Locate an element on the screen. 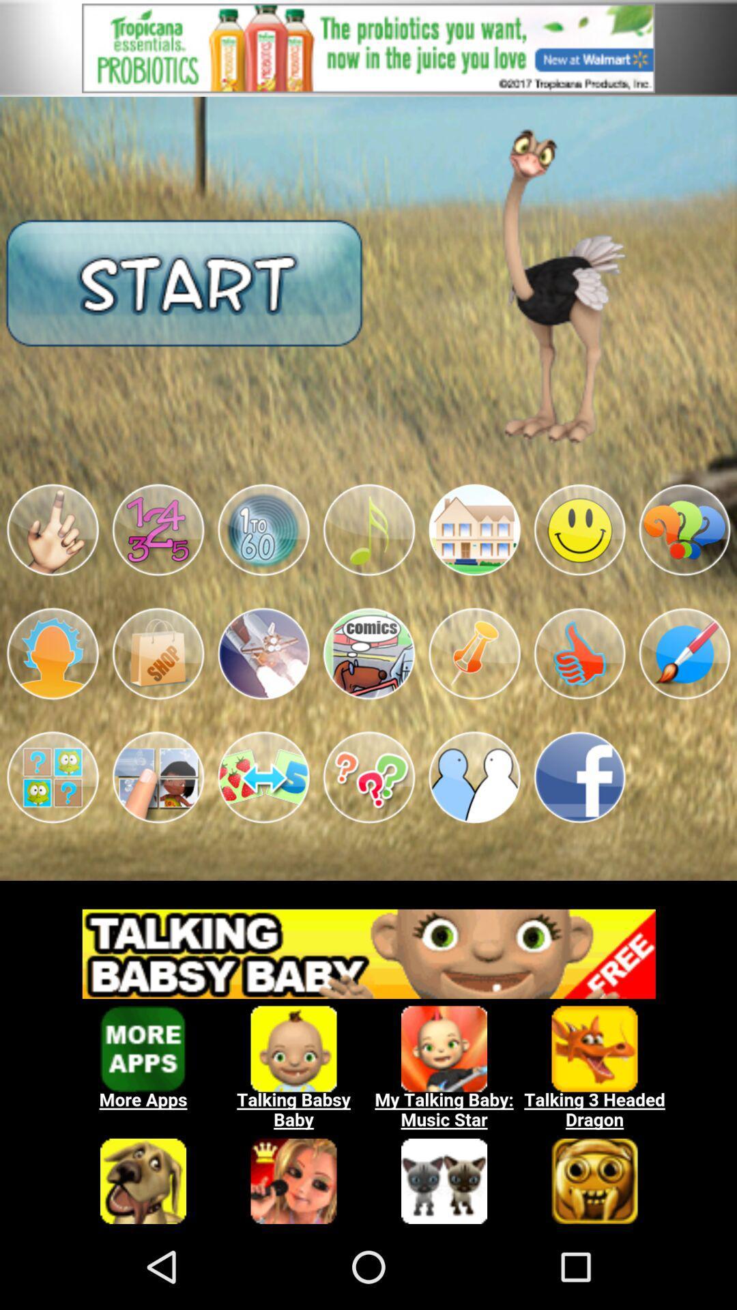 This screenshot has width=737, height=1310. for image is located at coordinates (579, 653).